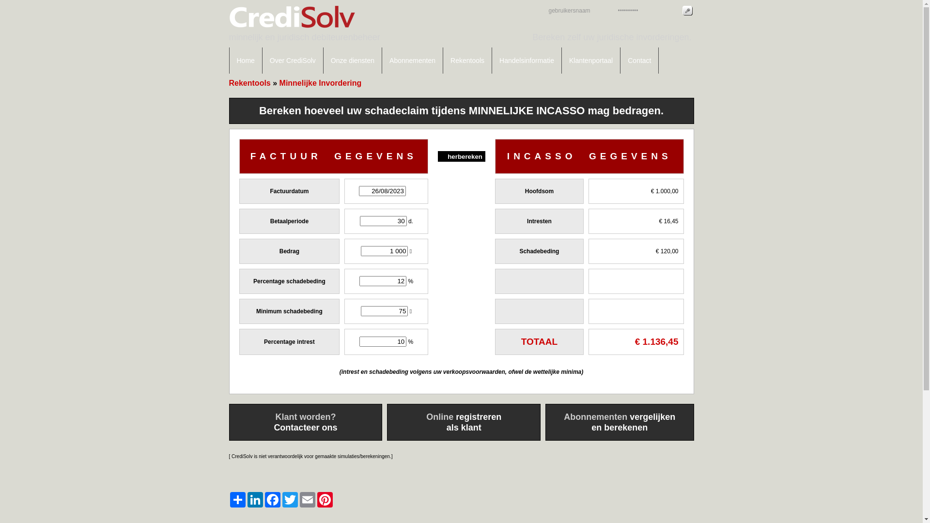  I want to click on 'Bereken zelf uw juridische invorderingen.', so click(611, 37).